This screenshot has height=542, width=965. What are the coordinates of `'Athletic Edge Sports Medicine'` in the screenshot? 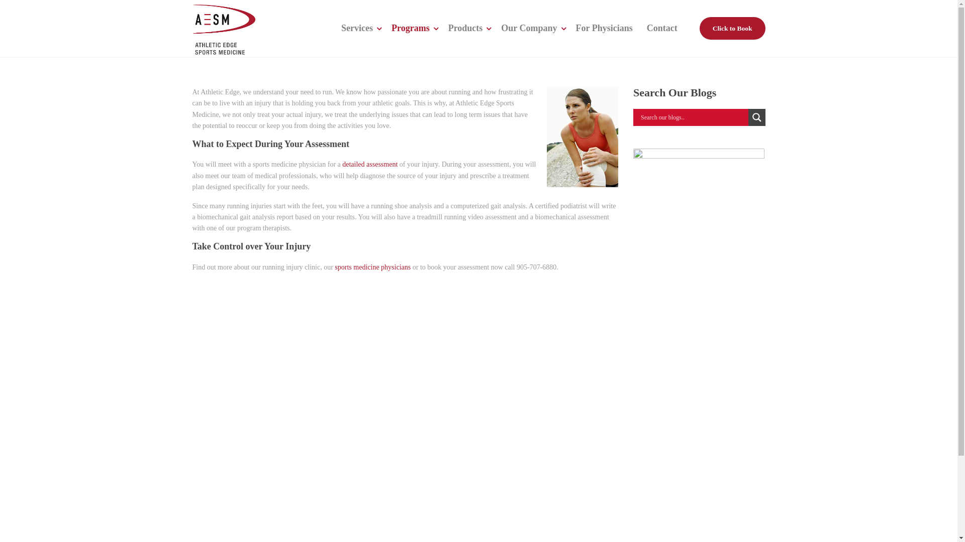 It's located at (192, 28).